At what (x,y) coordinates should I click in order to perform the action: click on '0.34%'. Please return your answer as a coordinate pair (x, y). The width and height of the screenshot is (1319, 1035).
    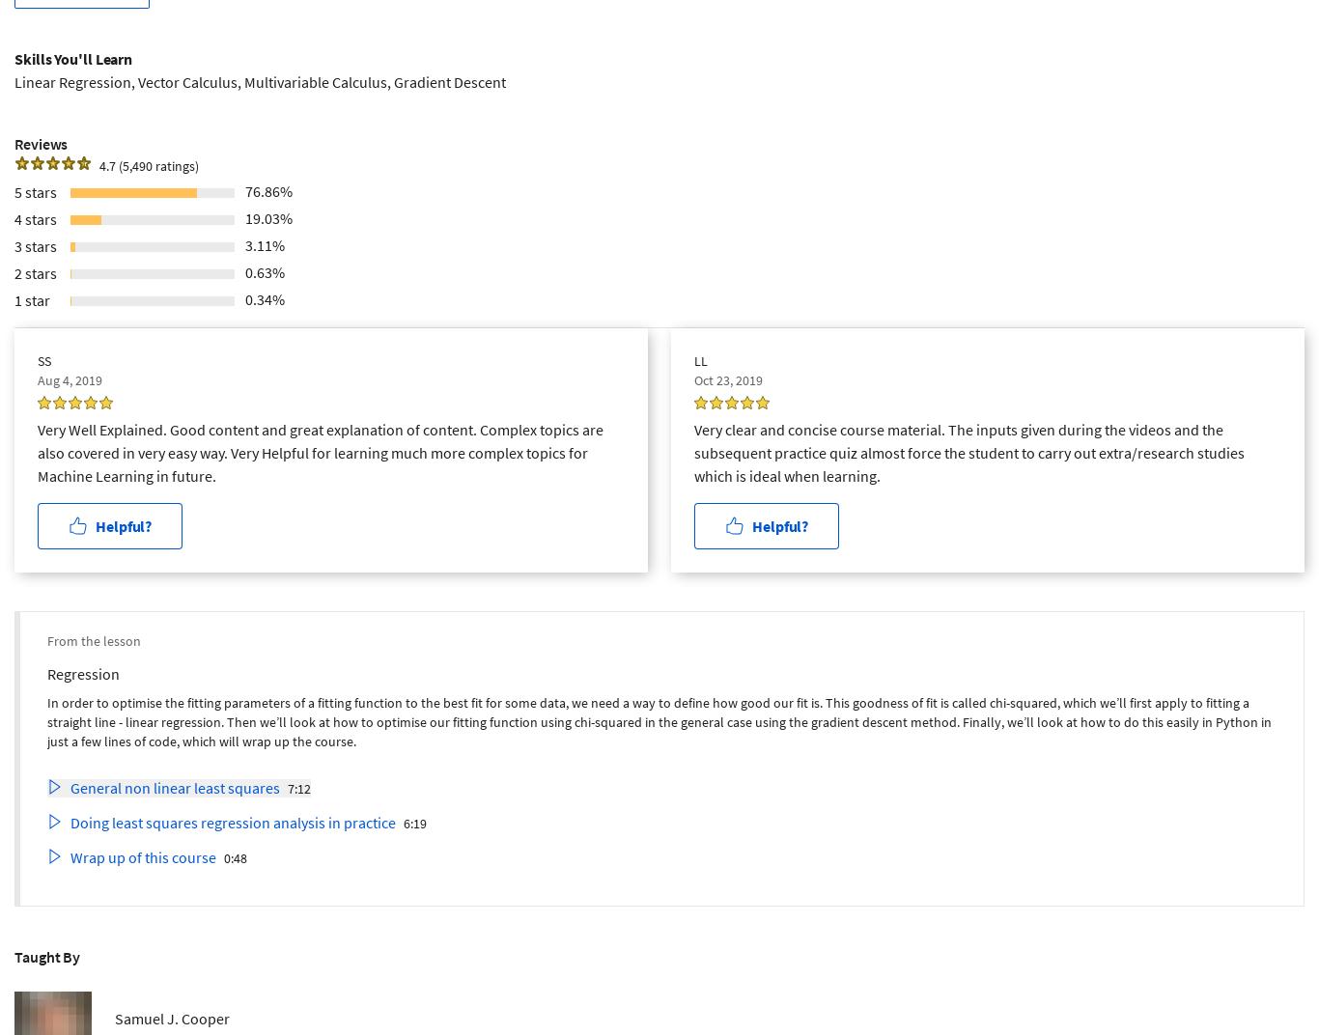
    Looking at the image, I should click on (265, 296).